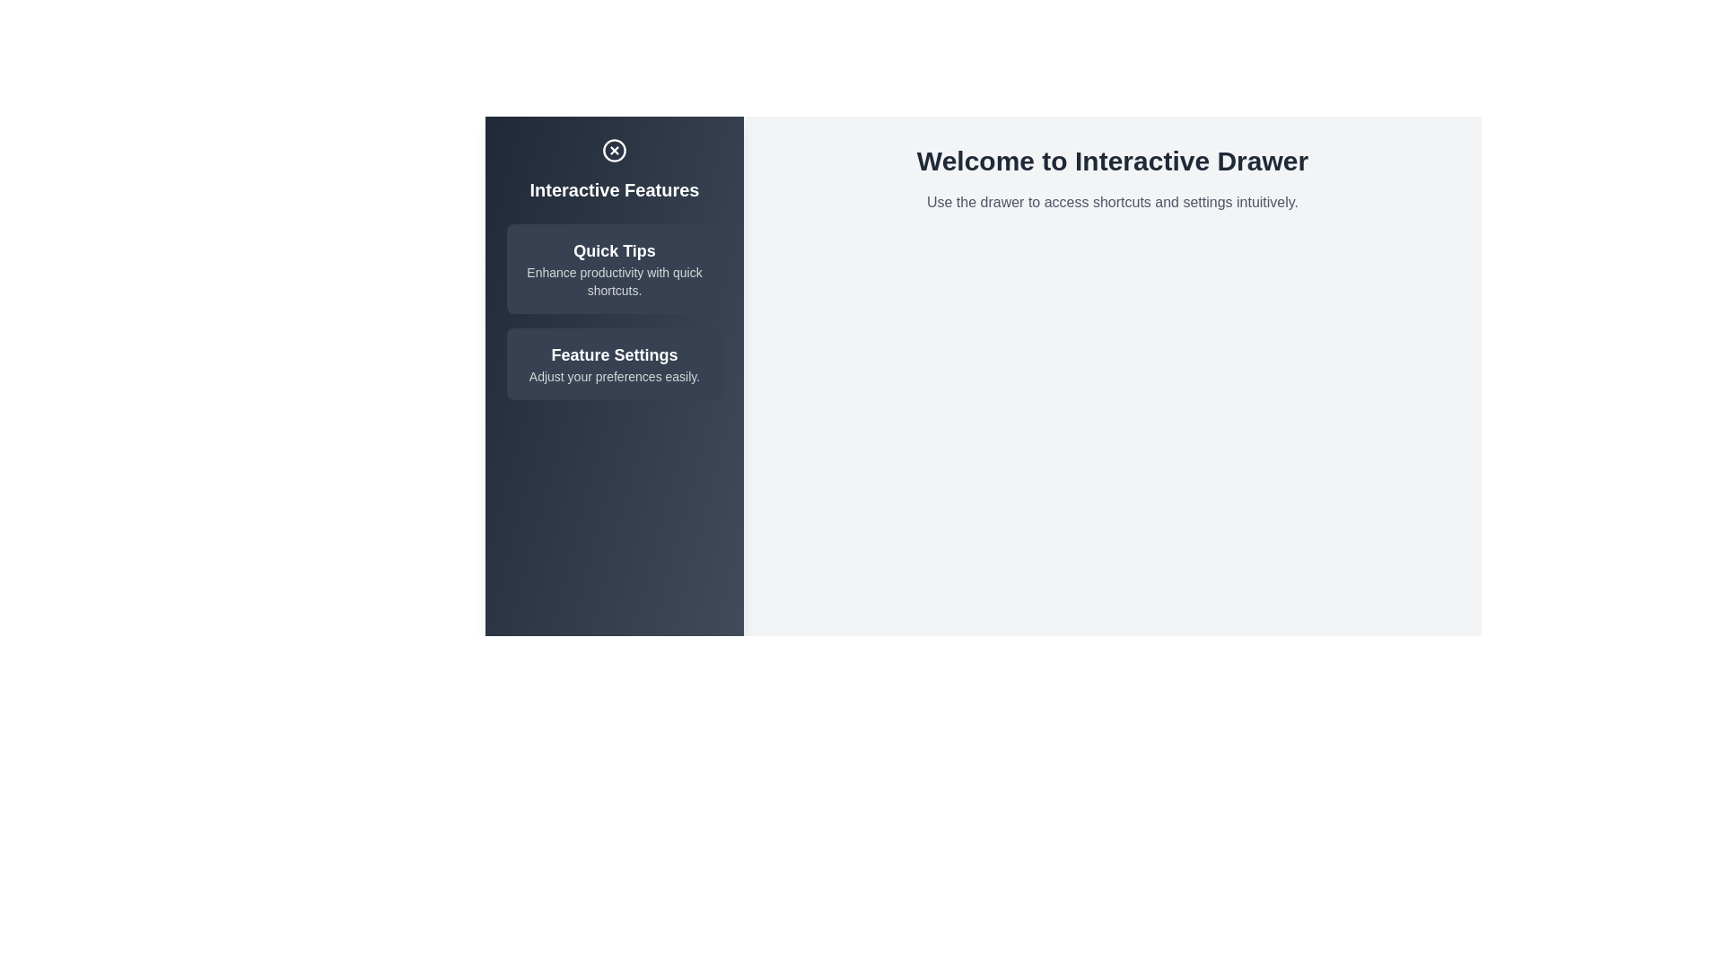  What do you see at coordinates (615, 269) in the screenshot?
I see `the list item 'Quick Tips' to view its hover effect` at bounding box center [615, 269].